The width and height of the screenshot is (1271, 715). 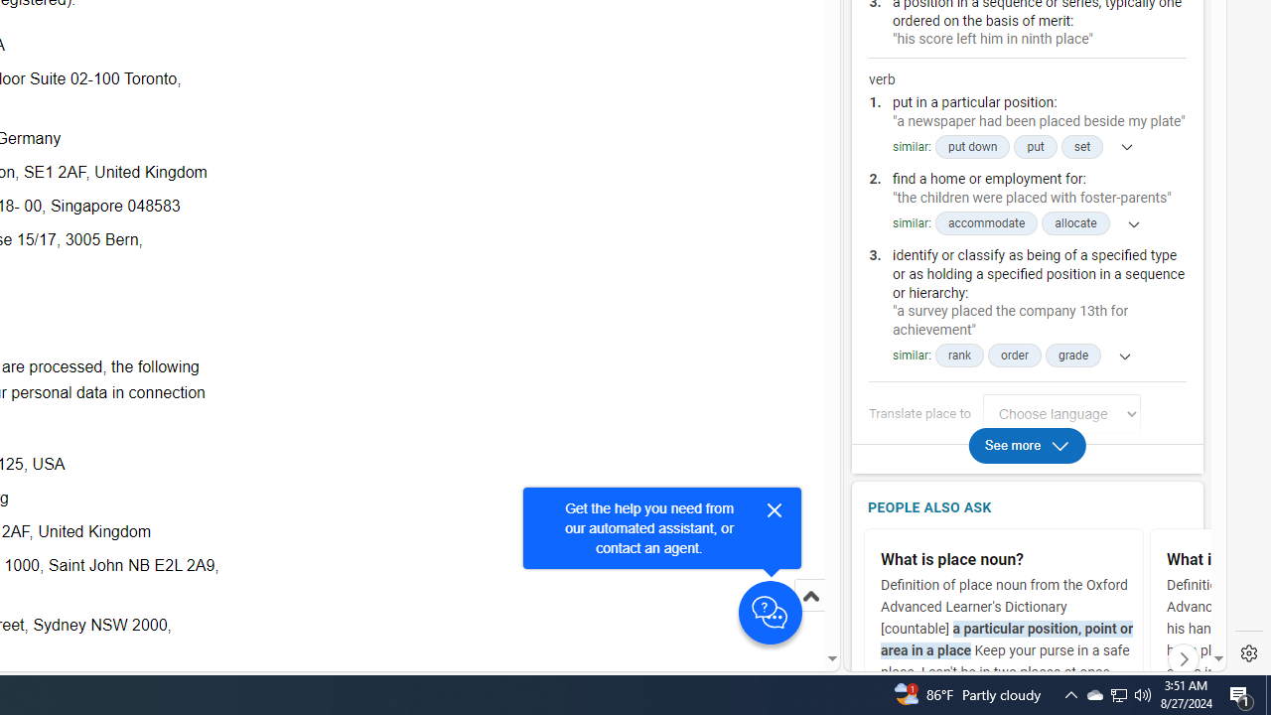 What do you see at coordinates (1080, 146) in the screenshot?
I see `'set'` at bounding box center [1080, 146].